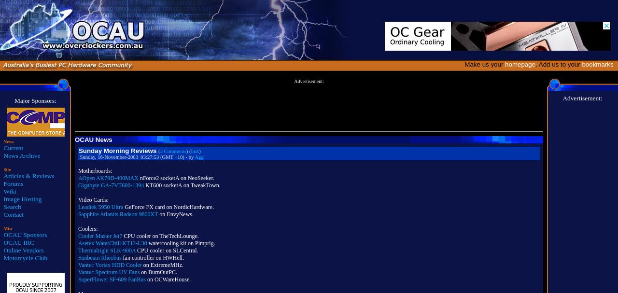  What do you see at coordinates (100, 207) in the screenshot?
I see `'Leadtek 5950 Ultra'` at bounding box center [100, 207].